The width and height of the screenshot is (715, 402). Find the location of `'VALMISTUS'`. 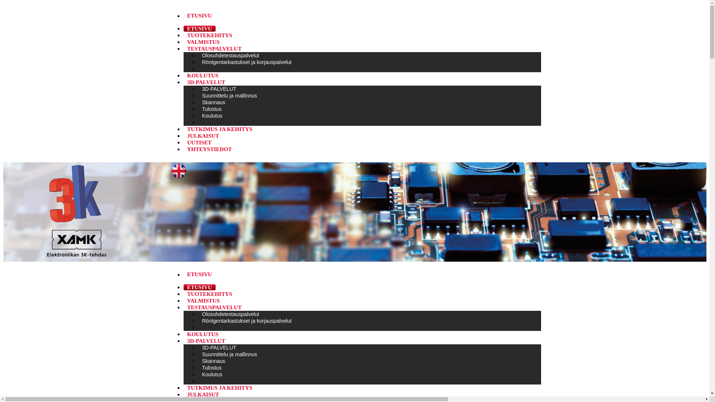

'VALMISTUS' is located at coordinates (183, 42).